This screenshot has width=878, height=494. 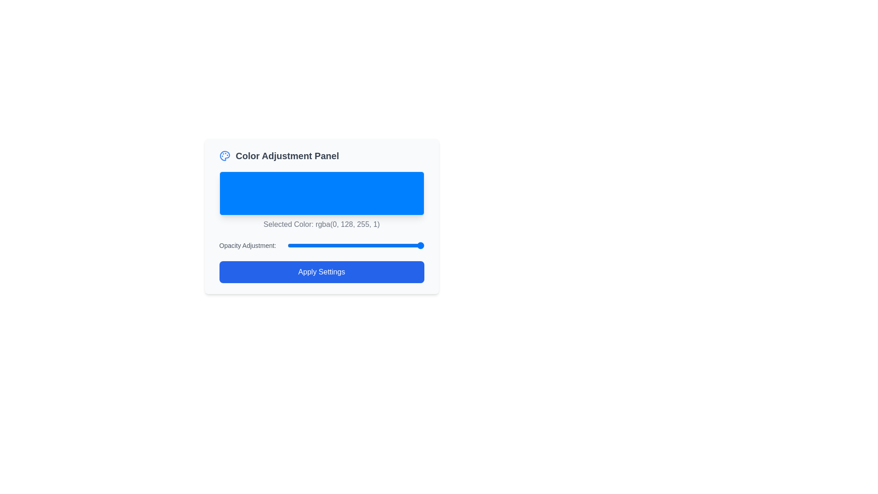 What do you see at coordinates (225, 155) in the screenshot?
I see `the blue-colored palette icon located to the left of the 'Color Adjustment Panel' text, which has a distinct palette shape with circular accents` at bounding box center [225, 155].